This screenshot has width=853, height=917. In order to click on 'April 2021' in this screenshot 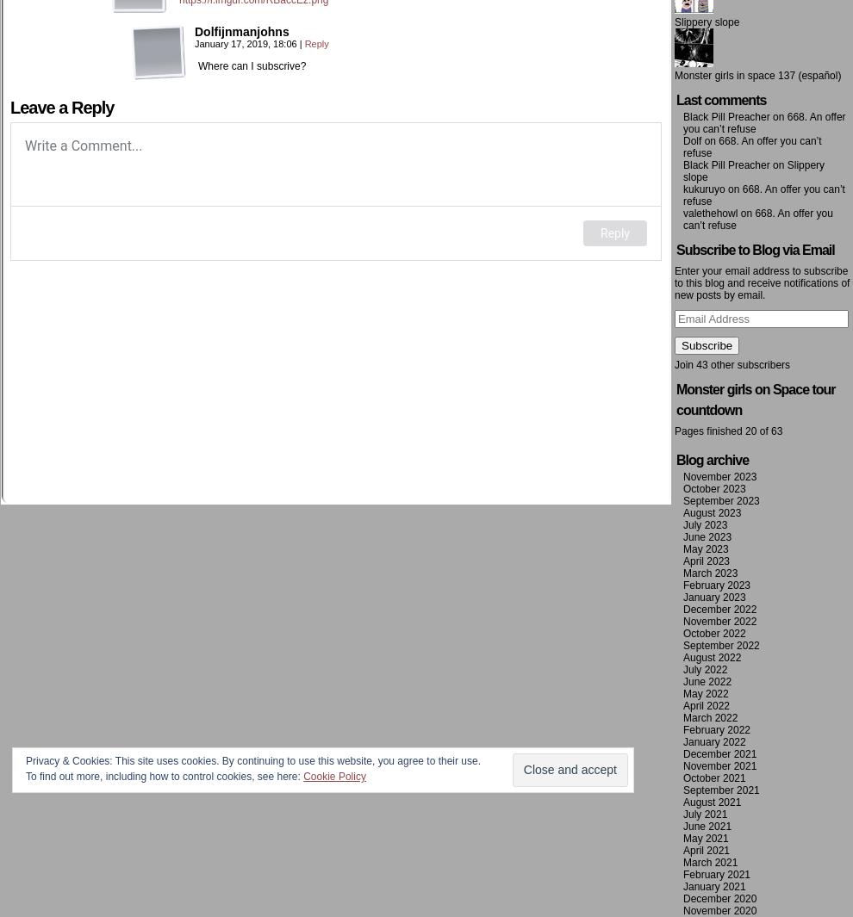, I will do `click(682, 851)`.